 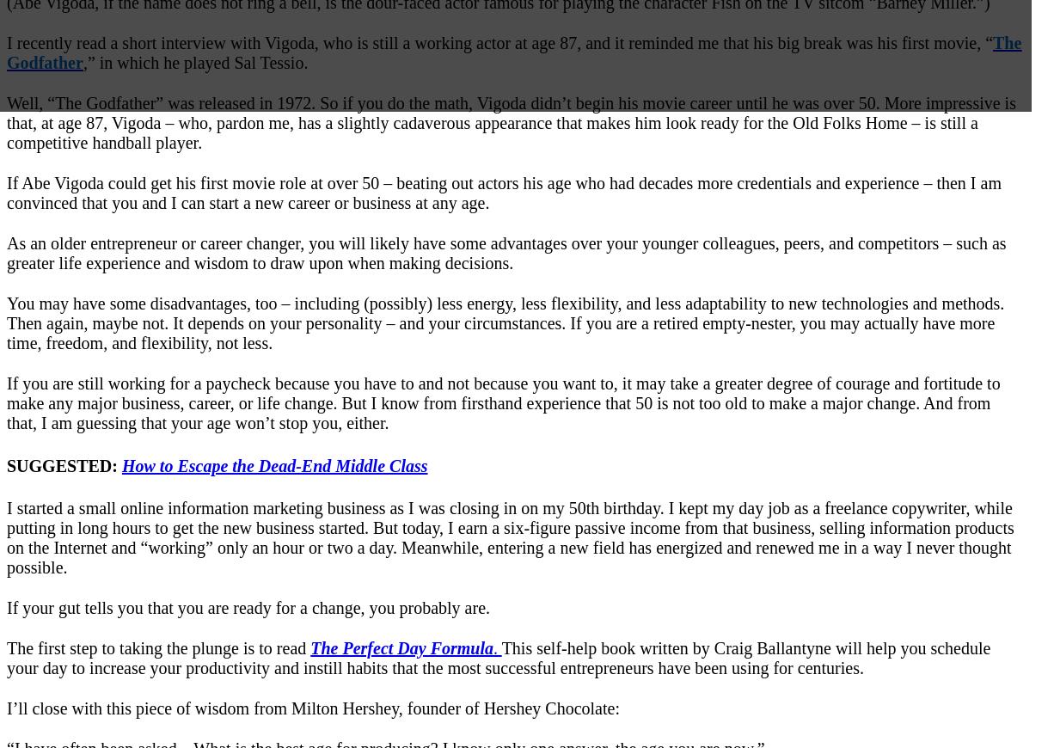 What do you see at coordinates (505, 253) in the screenshot?
I see `'As an older entrepreneur or career changer, you will likely have some advantages over your younger colleagues, peers, and competitors – such as greater life experience and wisdom to draw upon when making decisions.'` at bounding box center [505, 253].